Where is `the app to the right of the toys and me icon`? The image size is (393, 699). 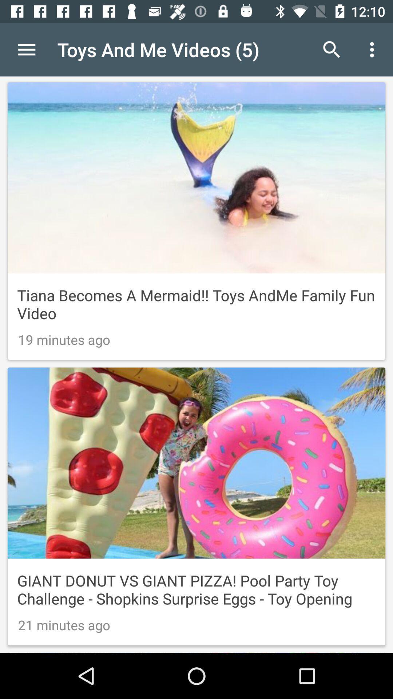
the app to the right of the toys and me icon is located at coordinates (332, 49).